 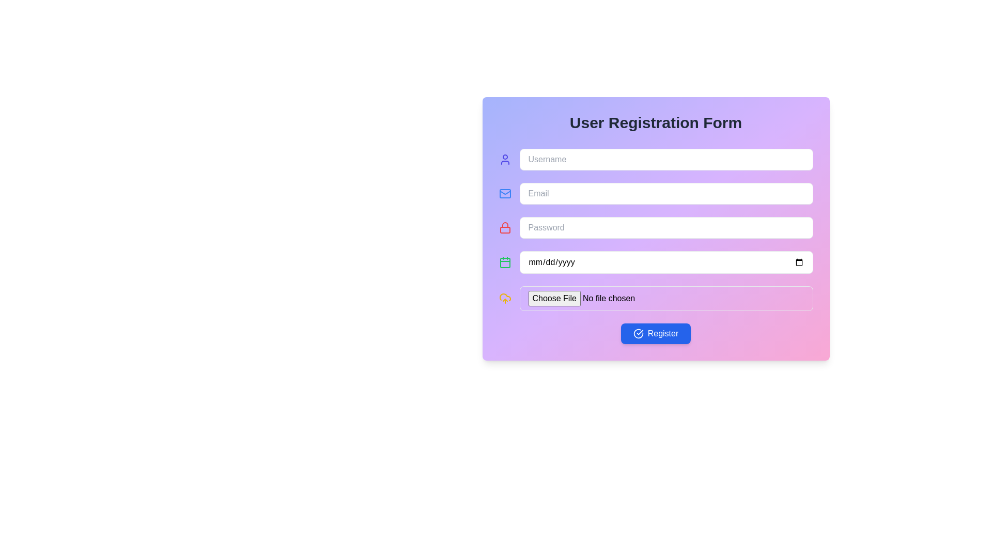 I want to click on the input field for entering a username, which is visually represented by the icon located at the top-left of the 'Username' input row in the user registration form, so click(x=505, y=159).